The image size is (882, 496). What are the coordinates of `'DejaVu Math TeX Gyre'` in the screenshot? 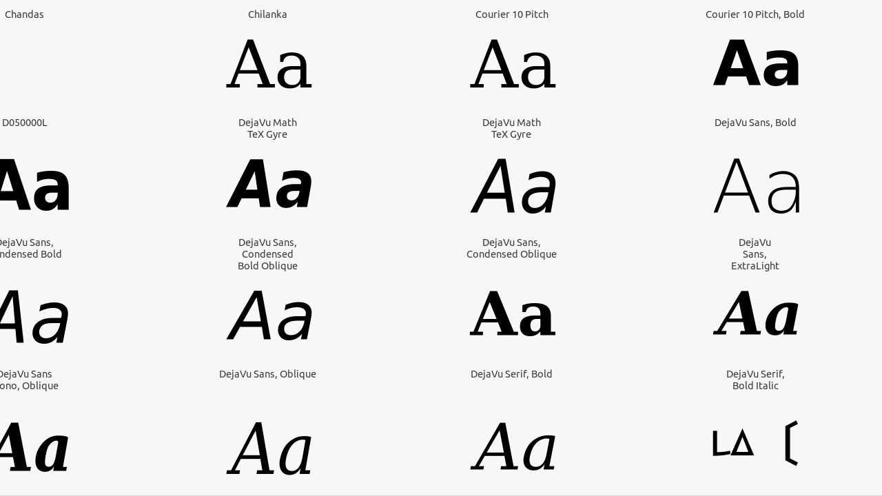 It's located at (267, 127).